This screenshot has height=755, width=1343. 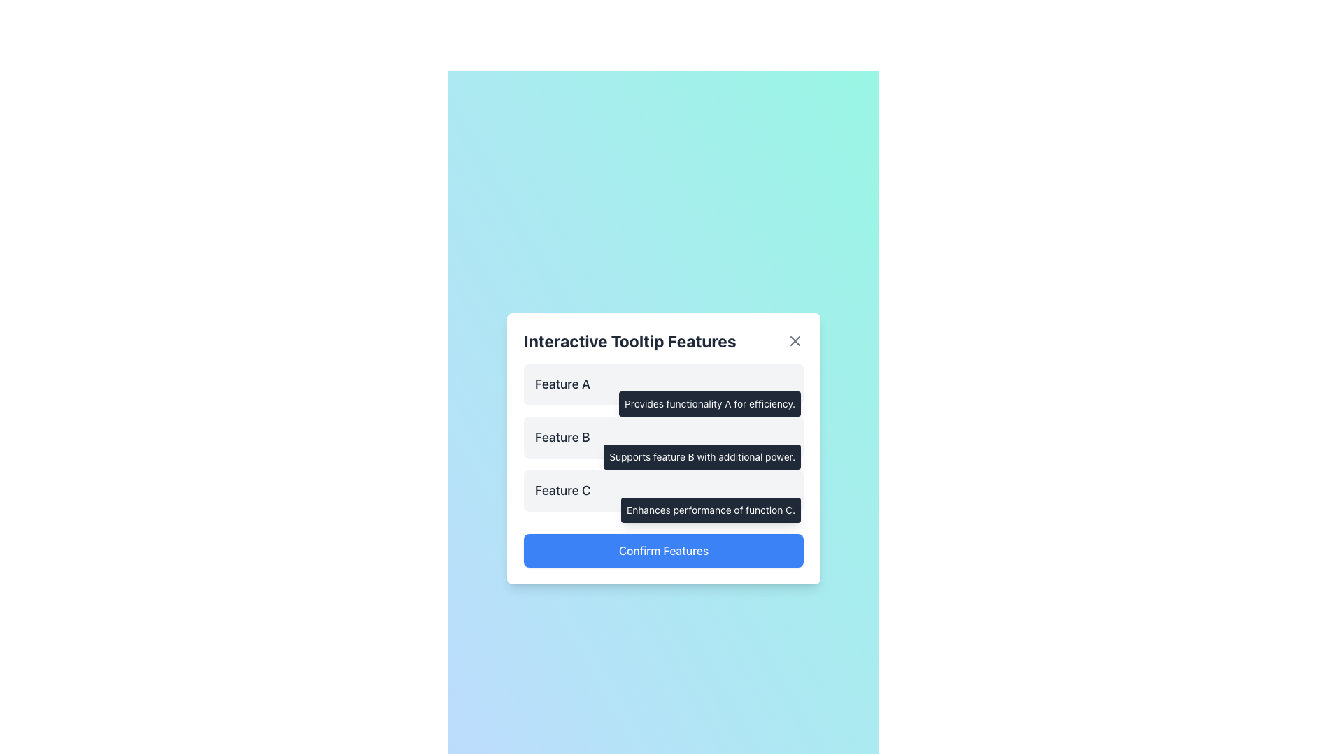 What do you see at coordinates (663, 549) in the screenshot?
I see `the rectangular button with a blue background and white text that reads 'Confirm Features' to confirm the selection` at bounding box center [663, 549].